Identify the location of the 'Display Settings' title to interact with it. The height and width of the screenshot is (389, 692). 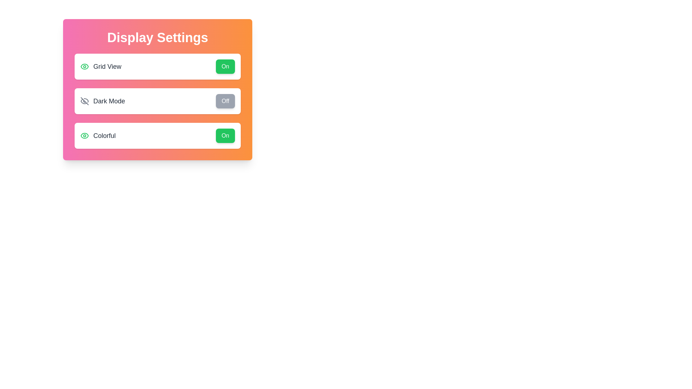
(157, 37).